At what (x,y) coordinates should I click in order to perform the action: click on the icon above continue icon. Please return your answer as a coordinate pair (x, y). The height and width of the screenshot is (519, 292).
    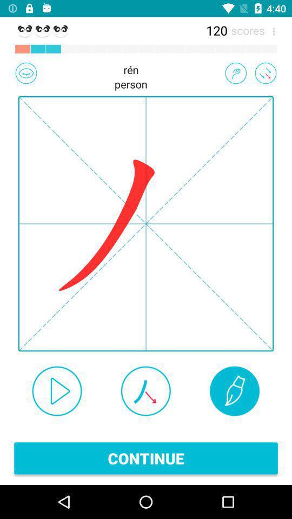
    Looking at the image, I should click on (57, 390).